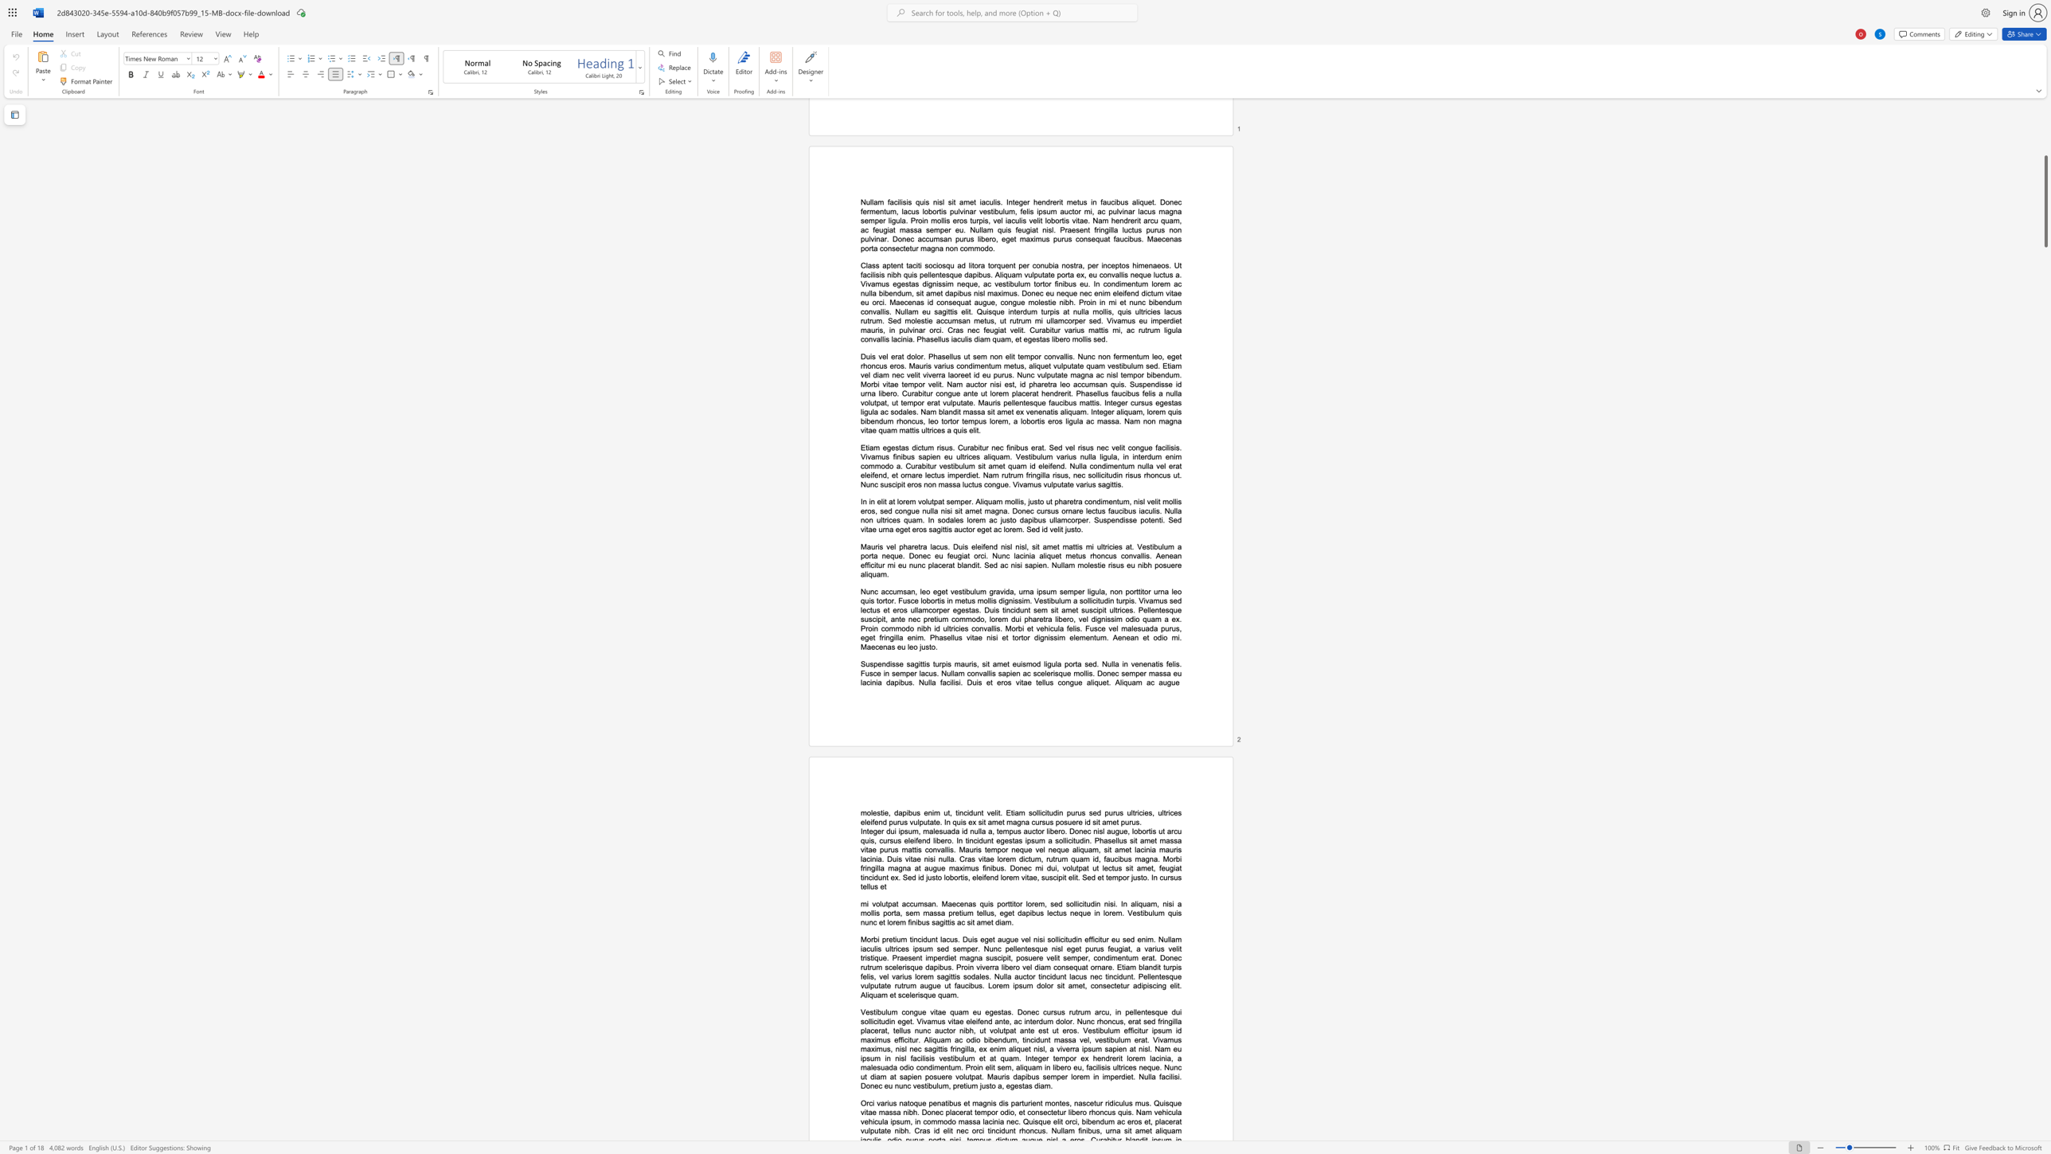 This screenshot has height=1154, width=2051. I want to click on the subset text "convallis. Morbi et vehicula felis. Fusce vel malesuada purus, eget fringilla enim. Phasellus vitae nisi et tor" within the text "Nunc accumsan, leo eget vestibulum gravida, urna ipsum semper ligula, non porttitor urna leo quis tortor. Fusce lobortis in metus mollis dignissim. Vestibulum a sollicitudin turpis. Vivamus sed lectus et eros ullamcorper egestas. Duis tincidunt sem sit amet suscipit ultrices. Pellentesque suscipit, ante nec pretium commodo, lorem dui pharetra libero, vel dignissim odio quam a ex. Proin commodo nibh id ultricies convallis. Morbi et vehicula felis. Fusce vel malesuada purus, eget fringilla enim. Phasellus vitae nisi et tortor dignissim elementum. Aenean et odio mi. Maecenas eu leo justo.", so click(971, 628).